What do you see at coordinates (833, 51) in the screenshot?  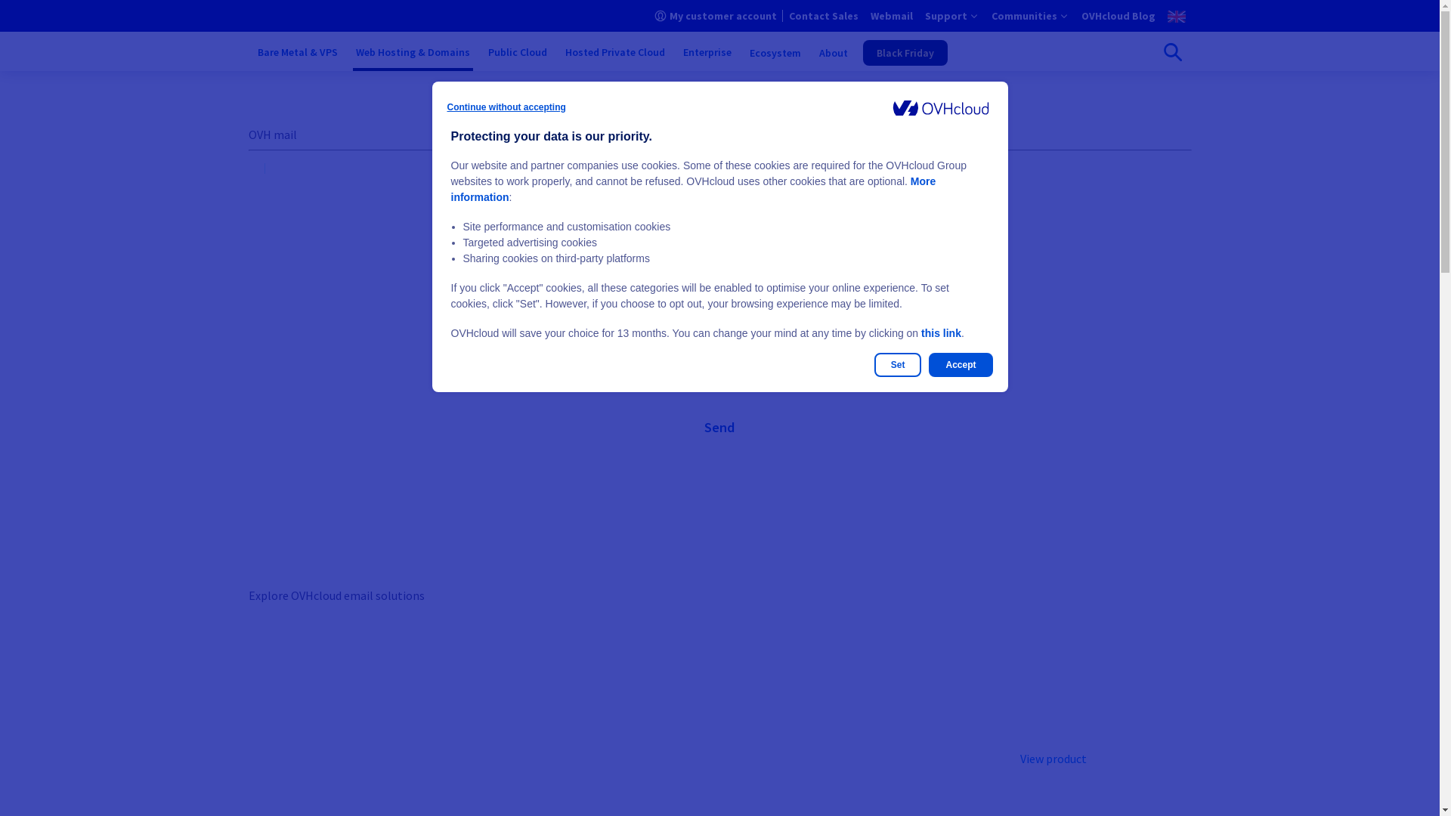 I see `'About'` at bounding box center [833, 51].